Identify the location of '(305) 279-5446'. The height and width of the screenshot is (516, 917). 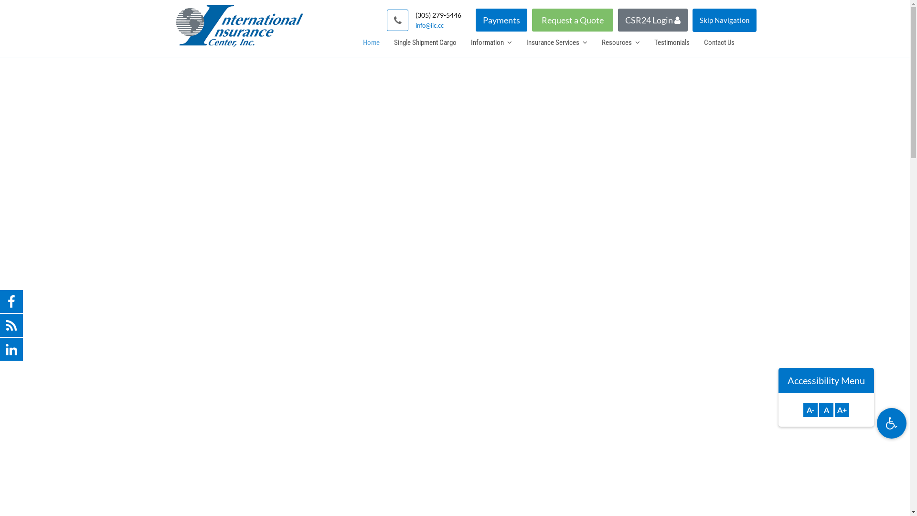
(437, 15).